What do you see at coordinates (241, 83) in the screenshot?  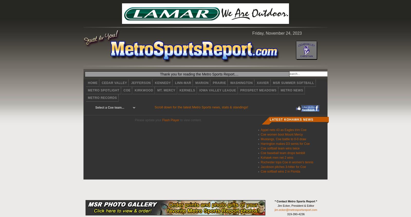 I see `'Washington'` at bounding box center [241, 83].